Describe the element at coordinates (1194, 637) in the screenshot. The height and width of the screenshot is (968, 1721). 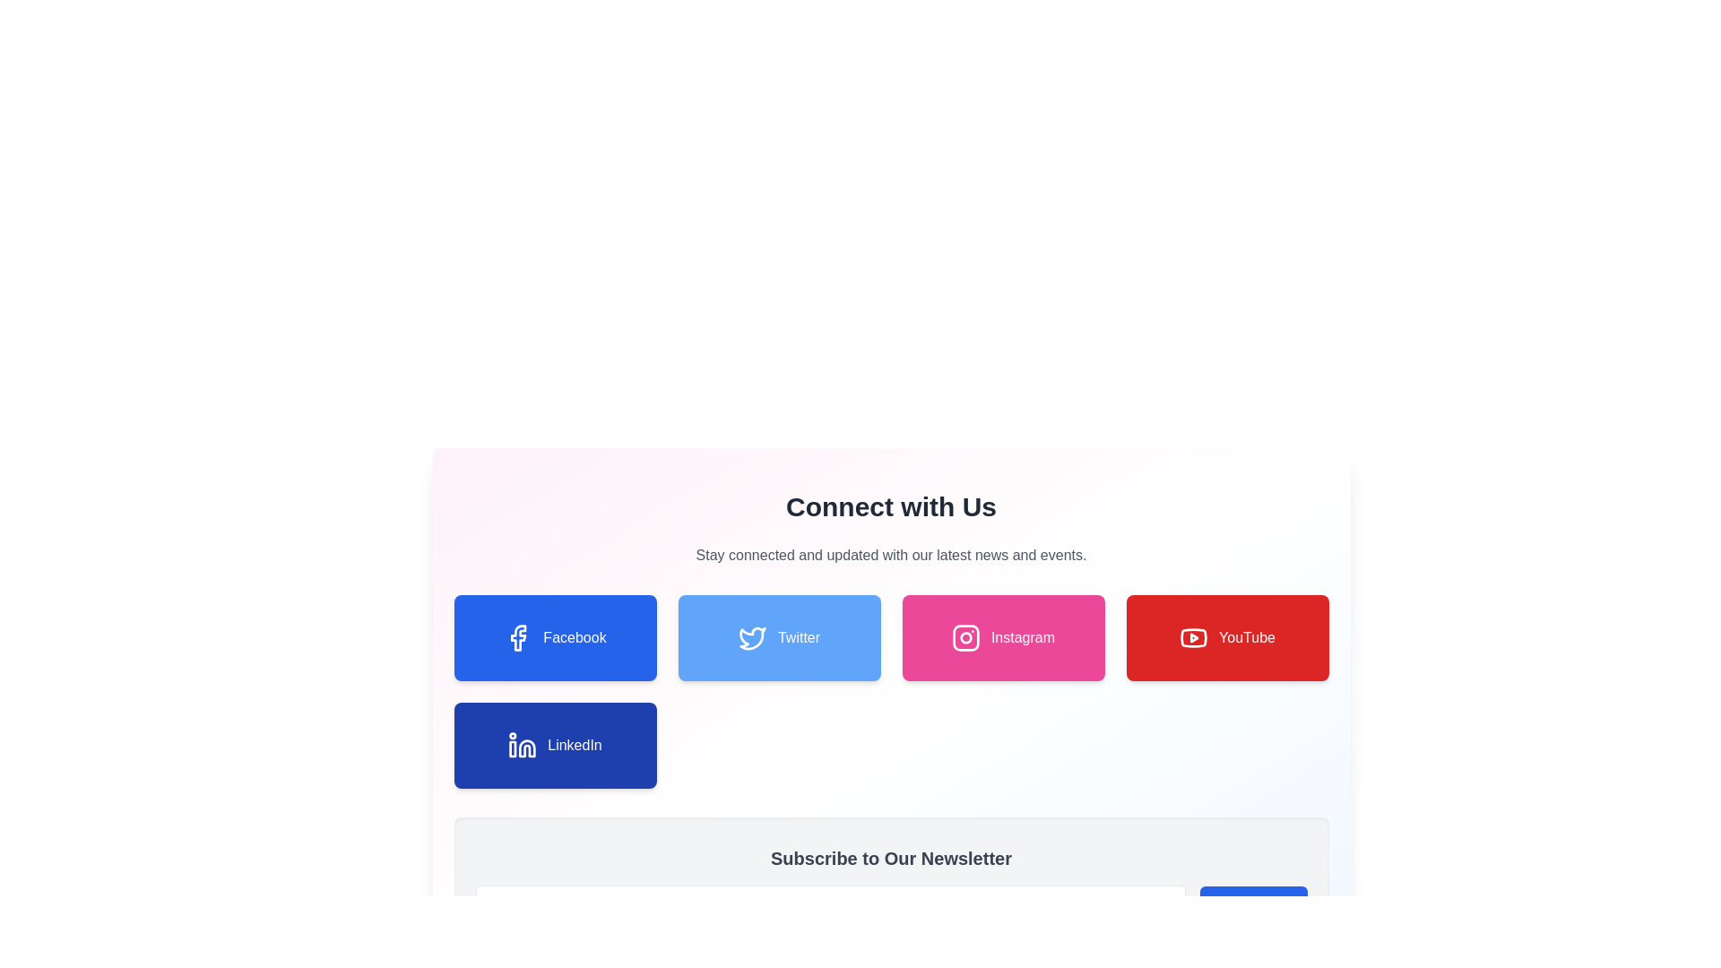
I see `the curved rectangular shape of the YouTube logo, which is styled in red and white, located in the fourth button from the left in the row of social media buttons` at that location.